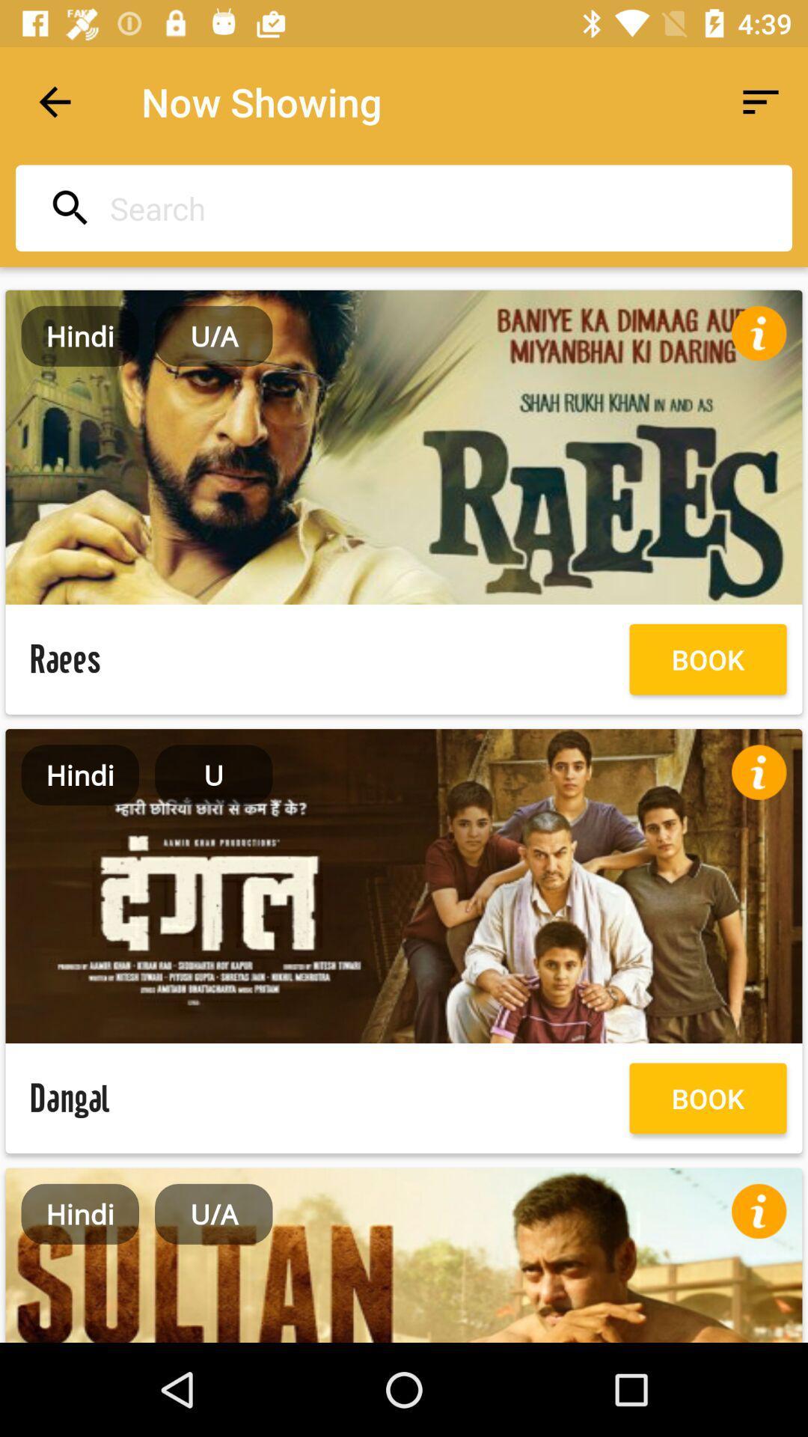 The width and height of the screenshot is (808, 1437). What do you see at coordinates (759, 1211) in the screenshot?
I see `show information` at bounding box center [759, 1211].